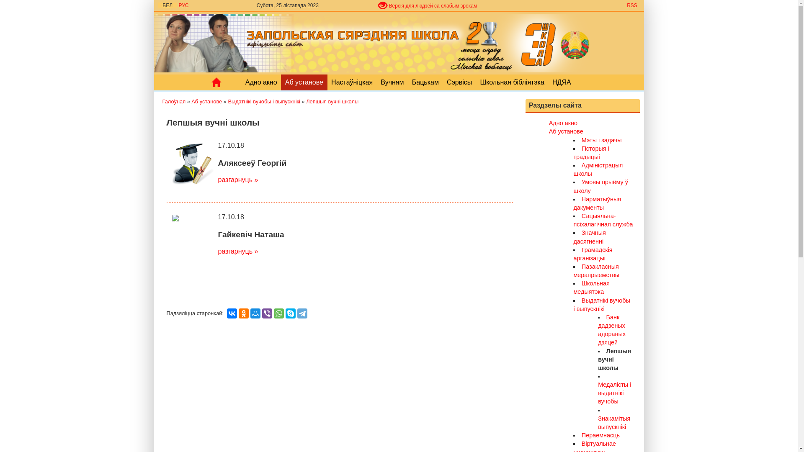  What do you see at coordinates (279, 313) in the screenshot?
I see `'WhatsApp'` at bounding box center [279, 313].